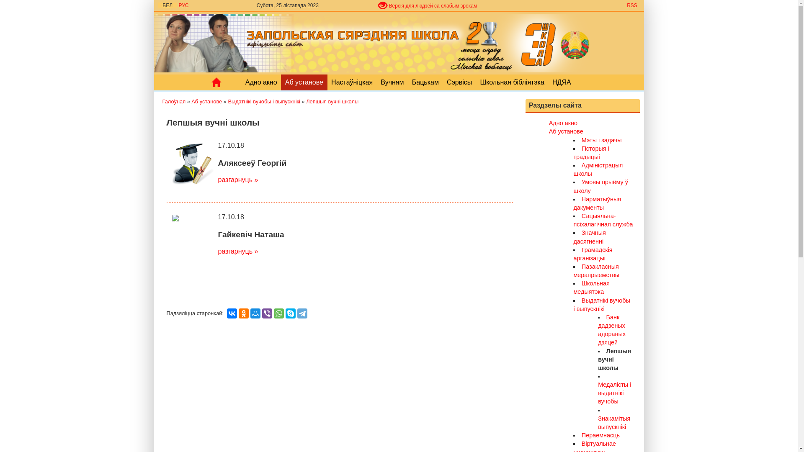  What do you see at coordinates (279, 313) in the screenshot?
I see `'WhatsApp'` at bounding box center [279, 313].